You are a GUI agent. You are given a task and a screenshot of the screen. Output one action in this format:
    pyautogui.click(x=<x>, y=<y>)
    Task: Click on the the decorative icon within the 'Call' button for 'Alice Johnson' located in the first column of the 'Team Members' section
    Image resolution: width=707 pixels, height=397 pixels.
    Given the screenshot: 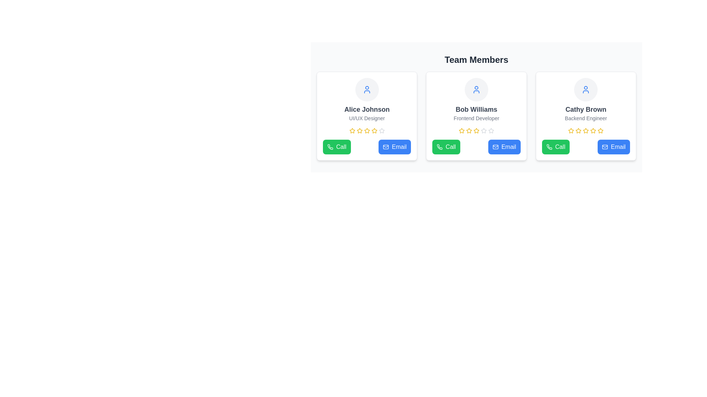 What is the action you would take?
    pyautogui.click(x=330, y=147)
    